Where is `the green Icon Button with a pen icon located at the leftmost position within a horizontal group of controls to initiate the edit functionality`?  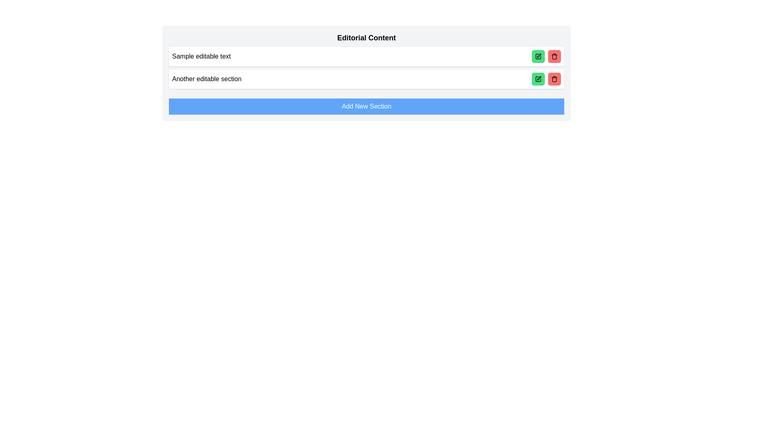 the green Icon Button with a pen icon located at the leftmost position within a horizontal group of controls to initiate the edit functionality is located at coordinates (538, 56).